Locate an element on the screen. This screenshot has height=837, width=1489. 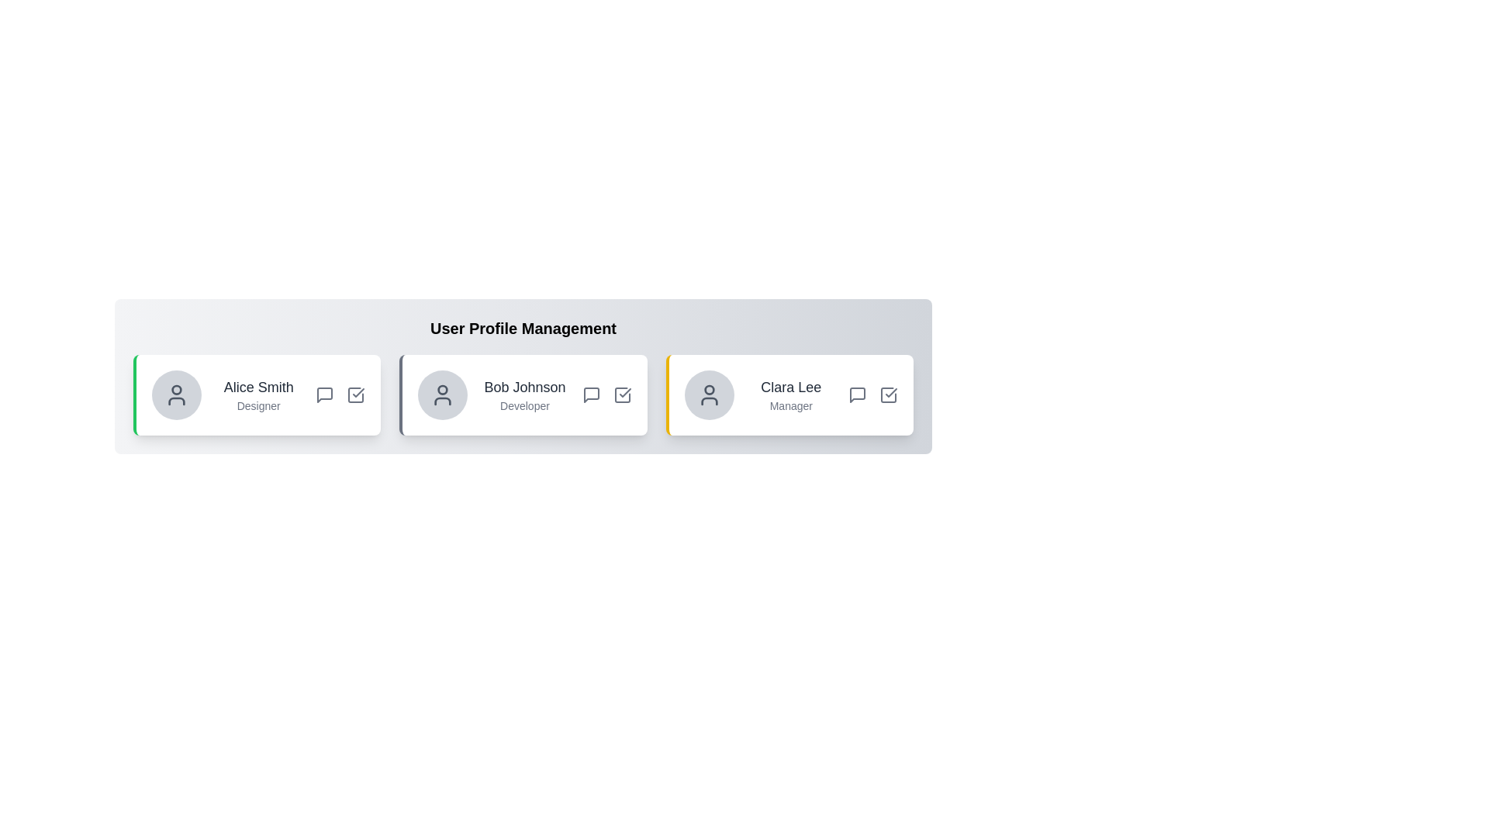
the decorative icon associated with the user profile 'Alice Smith' located in the leftmost profile widget is located at coordinates (355, 394).